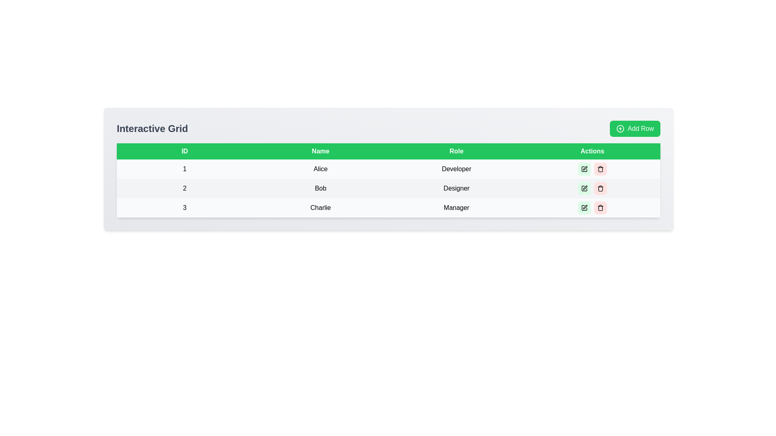 Image resolution: width=776 pixels, height=436 pixels. Describe the element at coordinates (600, 169) in the screenshot. I see `the trash can icon in the 'Actions' column` at that location.